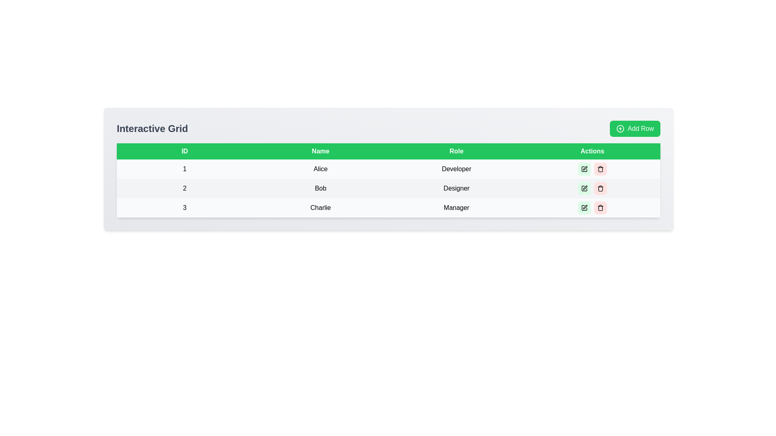 Image resolution: width=776 pixels, height=436 pixels. Describe the element at coordinates (600, 169) in the screenshot. I see `the trash can icon in the 'Actions' column` at that location.